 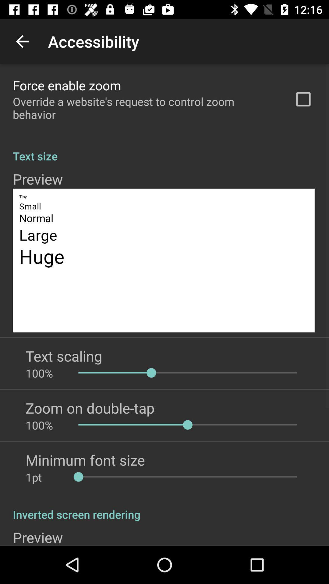 I want to click on app below 100%, so click(x=85, y=460).